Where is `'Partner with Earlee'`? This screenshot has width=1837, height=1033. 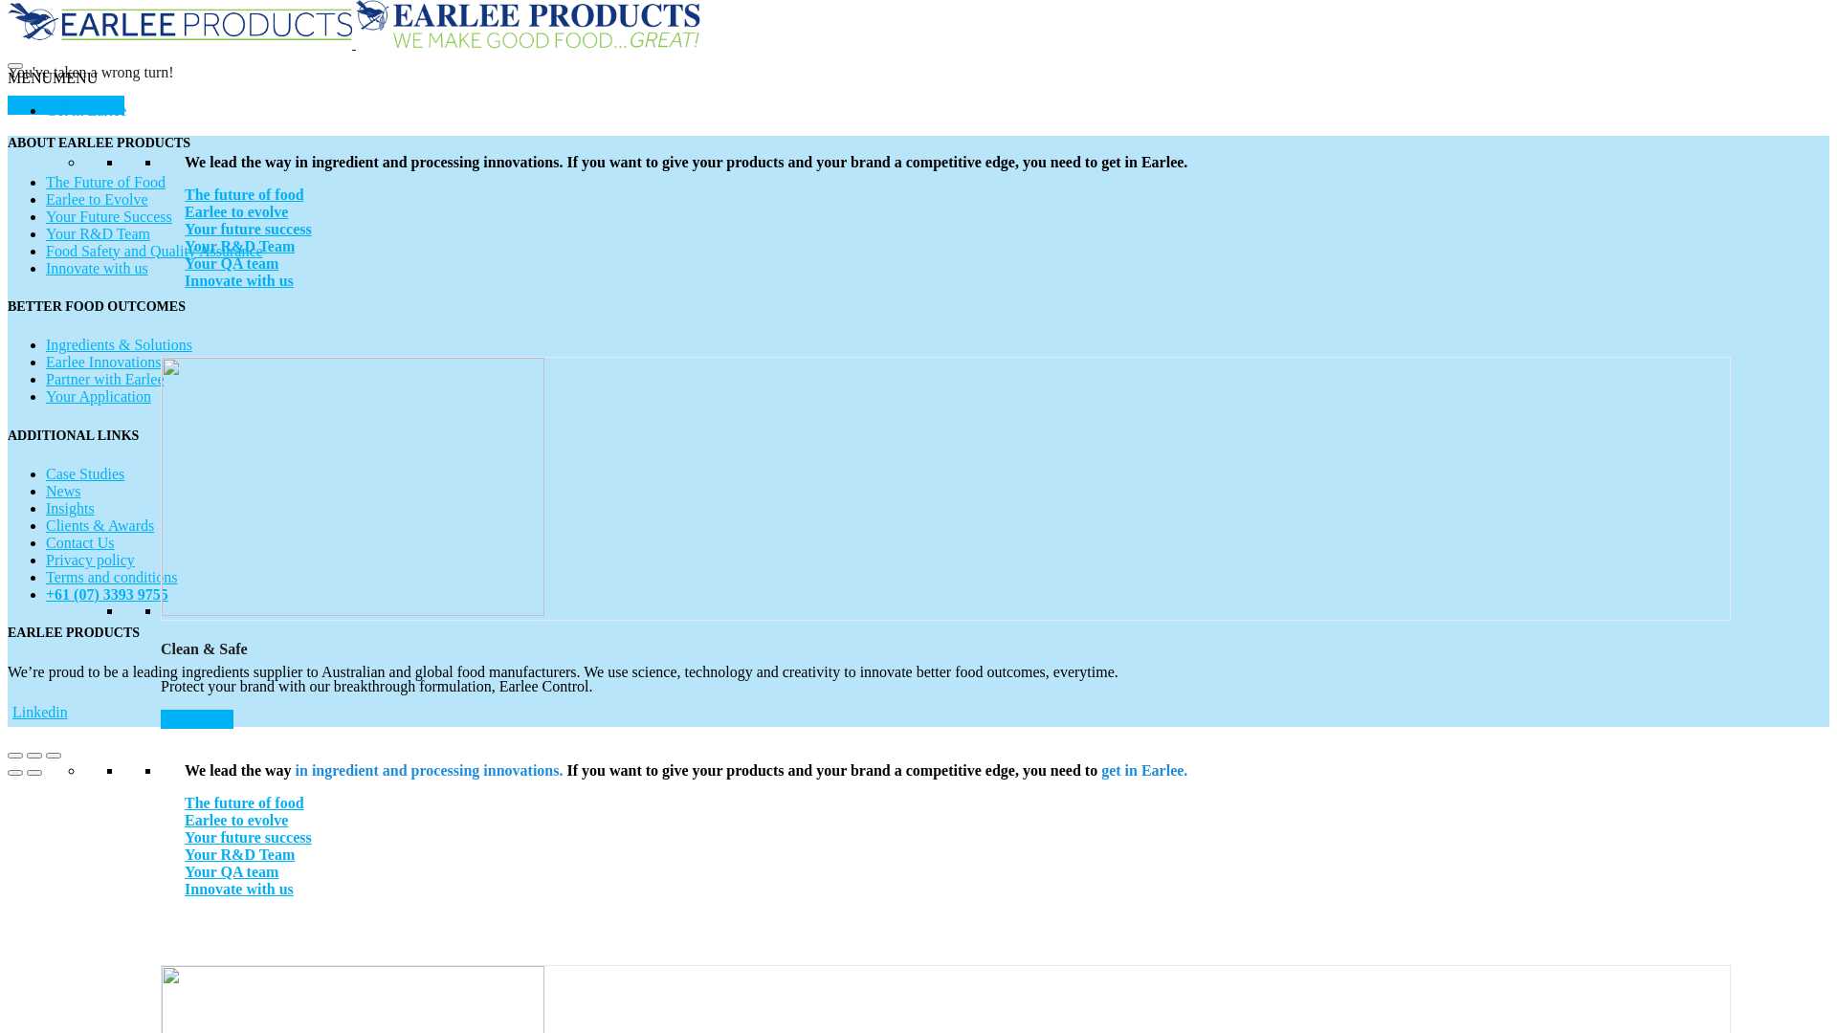 'Partner with Earlee' is located at coordinates (104, 379).